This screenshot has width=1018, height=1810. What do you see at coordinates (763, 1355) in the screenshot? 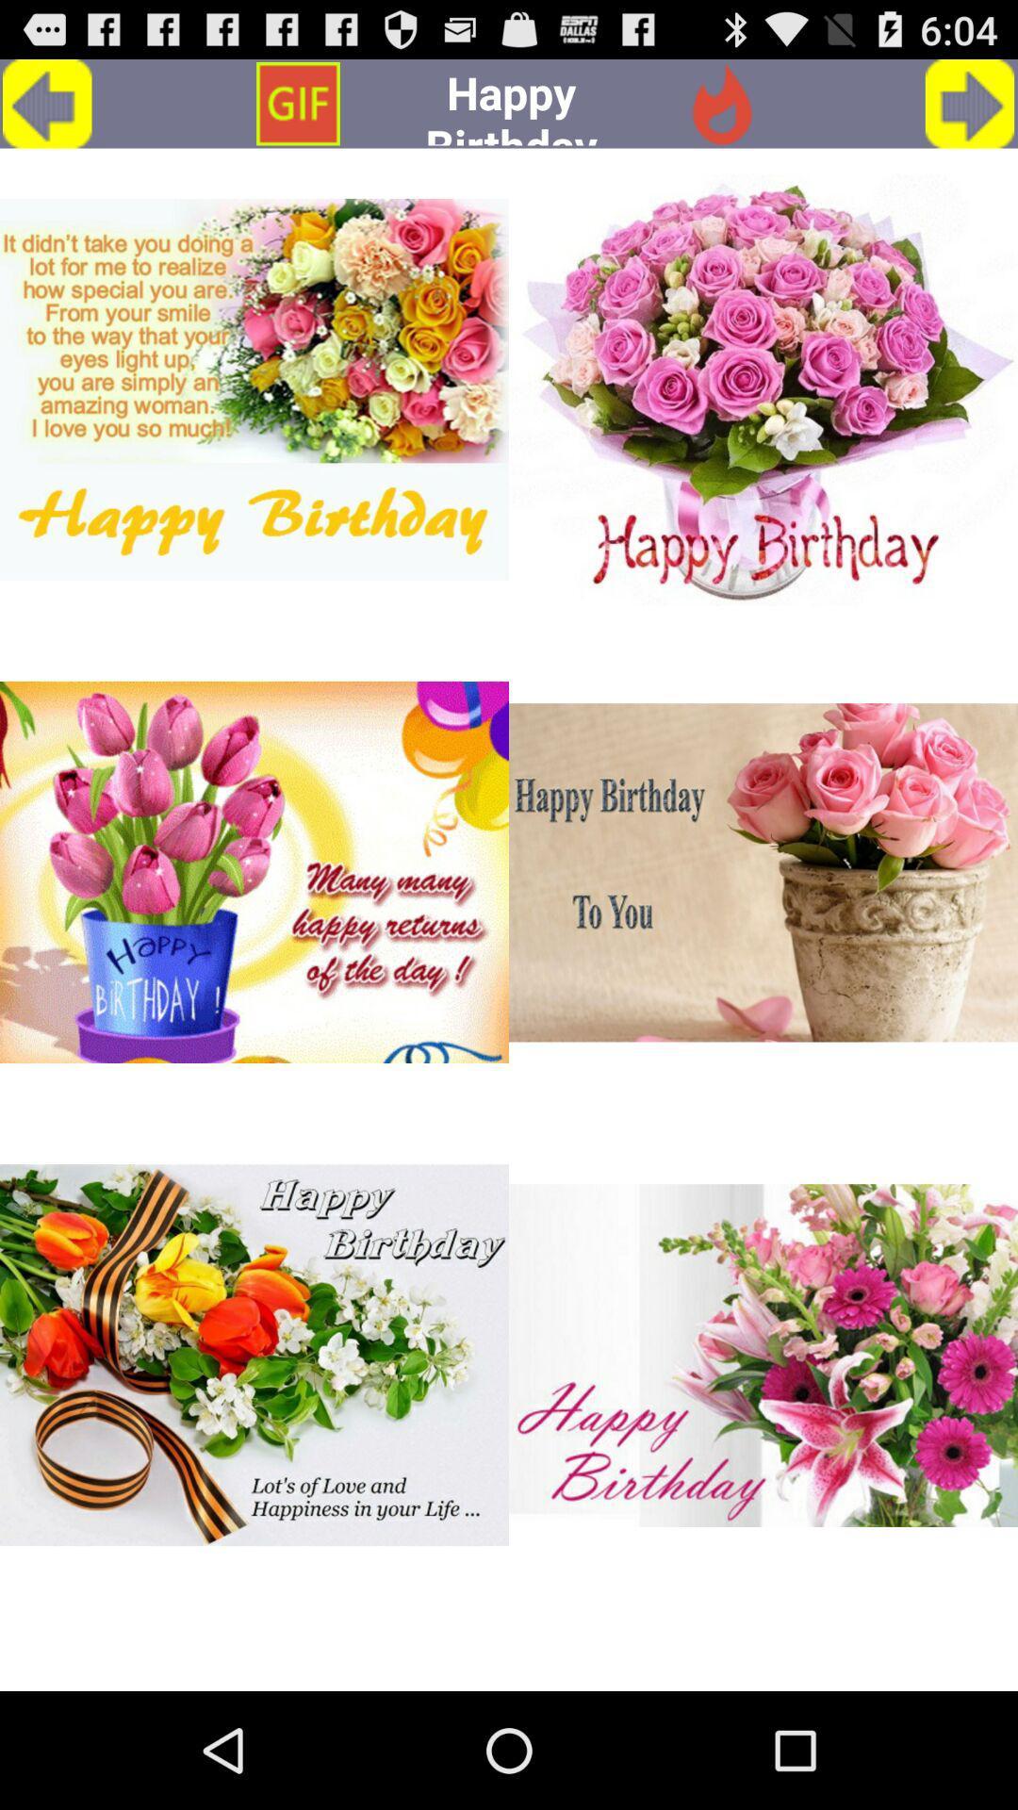
I see `the gif` at bounding box center [763, 1355].